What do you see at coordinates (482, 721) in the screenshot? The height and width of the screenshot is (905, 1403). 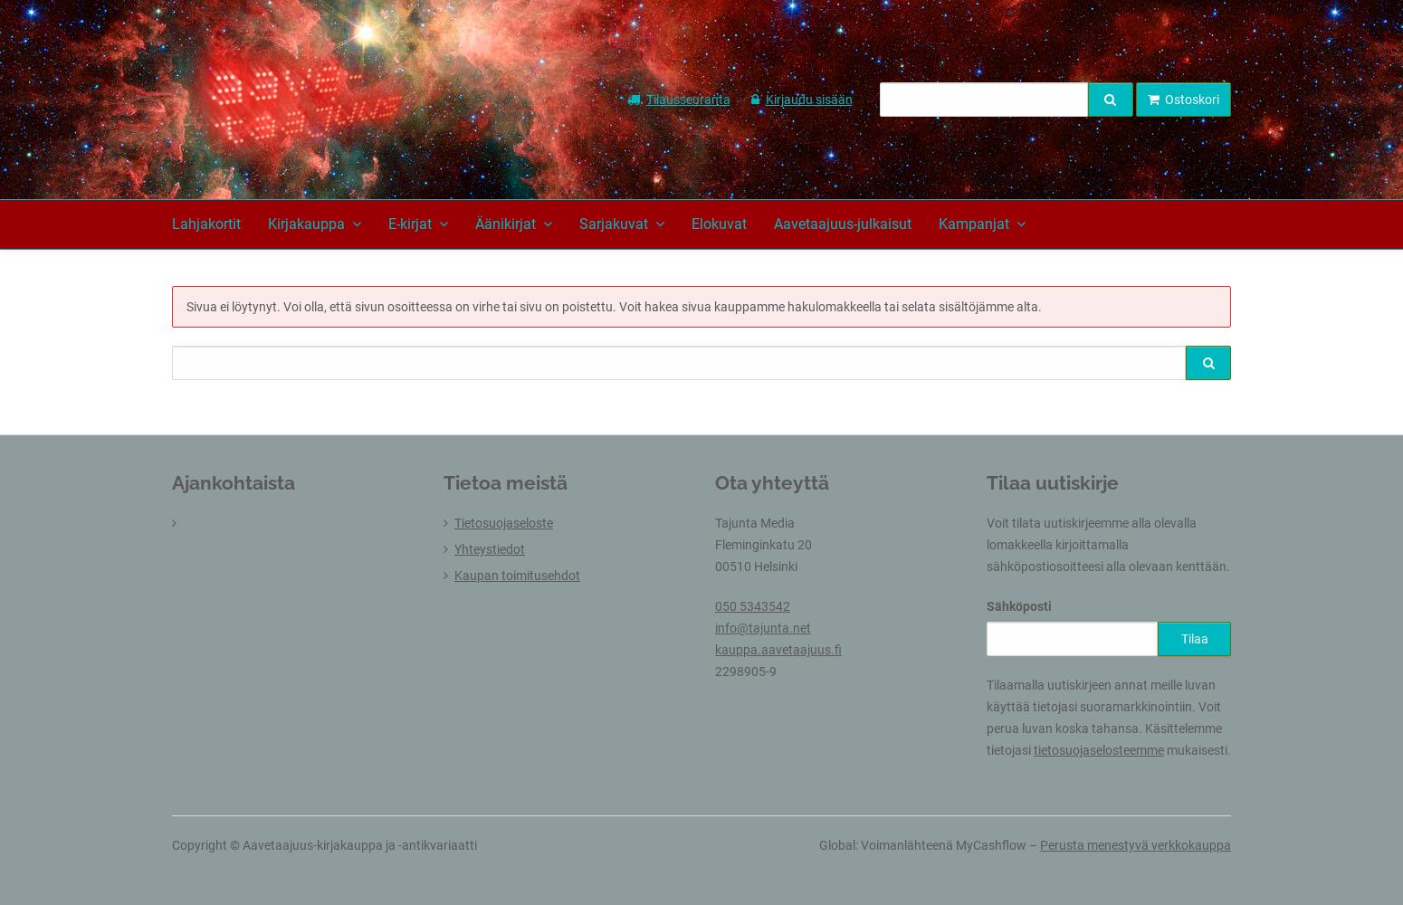 I see `'Post-apokalypsi'` at bounding box center [482, 721].